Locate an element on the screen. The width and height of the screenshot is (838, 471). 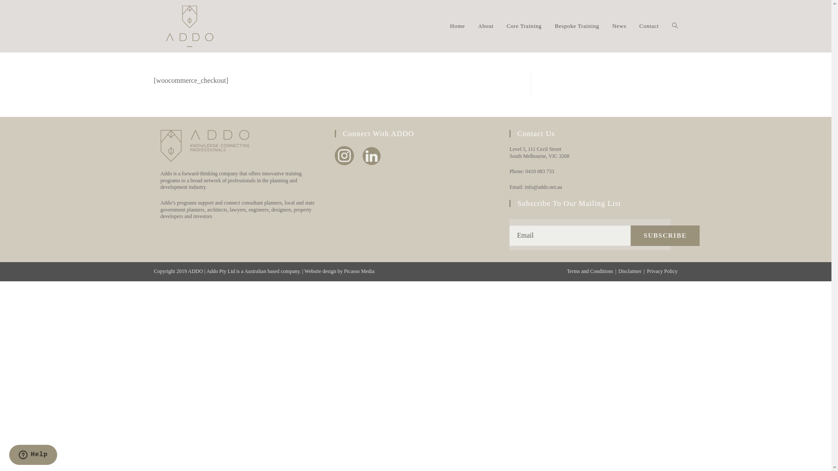
'About' is located at coordinates (485, 26).